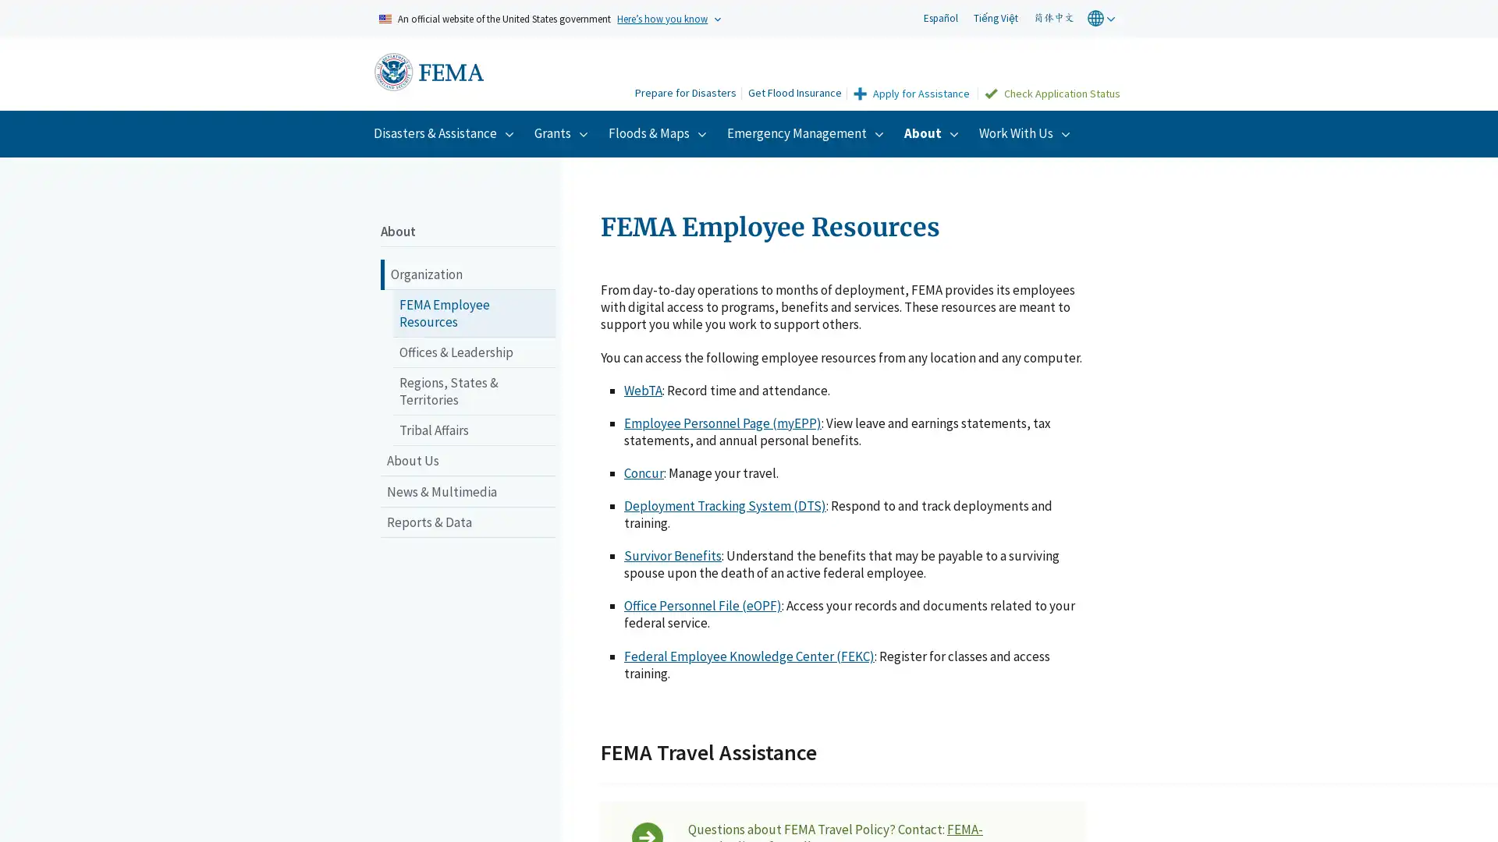  Describe the element at coordinates (933, 132) in the screenshot. I see `About` at that location.